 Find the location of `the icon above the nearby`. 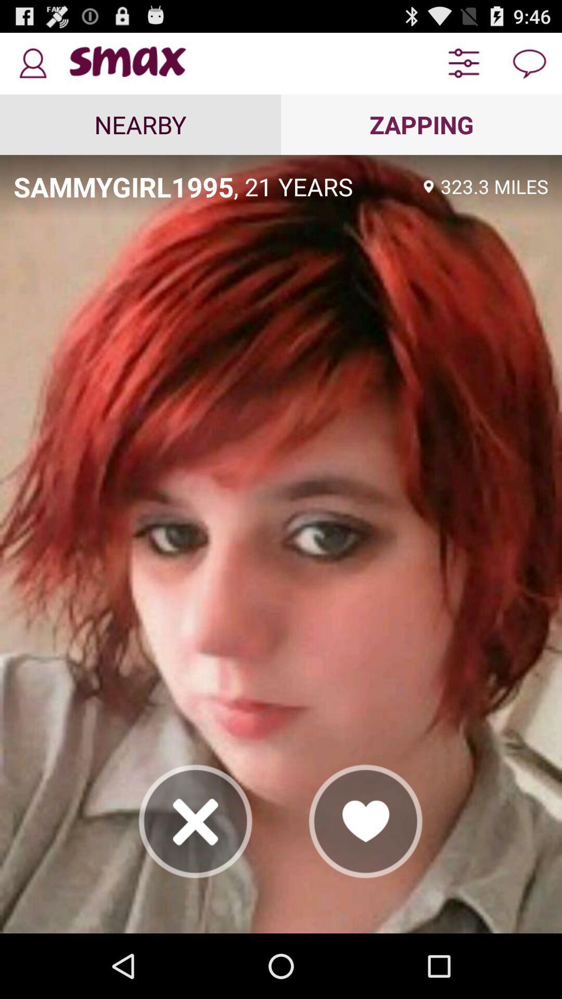

the icon above the nearby is located at coordinates (32, 63).